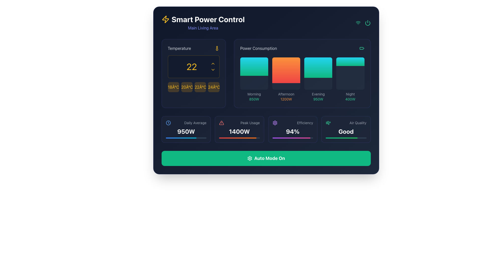 The image size is (484, 272). What do you see at coordinates (318, 79) in the screenshot?
I see `the graphical data display element conveying power consumption data for the evening period, which is located to the right of the 'Afternoon' element and to the left of the 'Night' element` at bounding box center [318, 79].